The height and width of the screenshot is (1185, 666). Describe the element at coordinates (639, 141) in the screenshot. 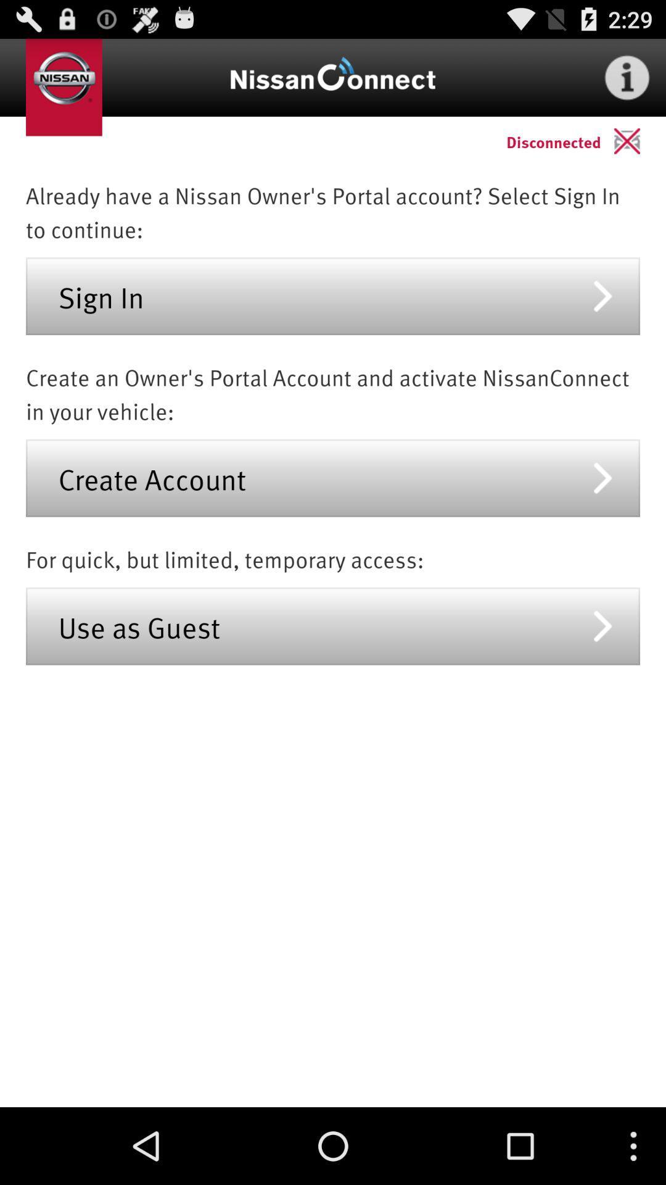

I see `connection indicator` at that location.